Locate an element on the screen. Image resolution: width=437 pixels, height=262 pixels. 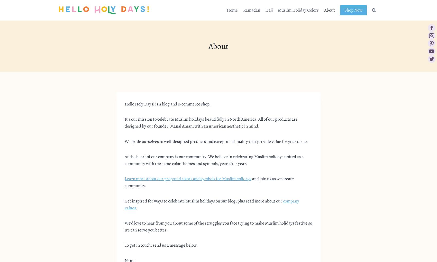
'It’s our mission to celebrate Muslim holidays beautifully in North America. All of our products are designed by our founder, Manal Aman, with an American aesthetic in mind.' is located at coordinates (211, 122).